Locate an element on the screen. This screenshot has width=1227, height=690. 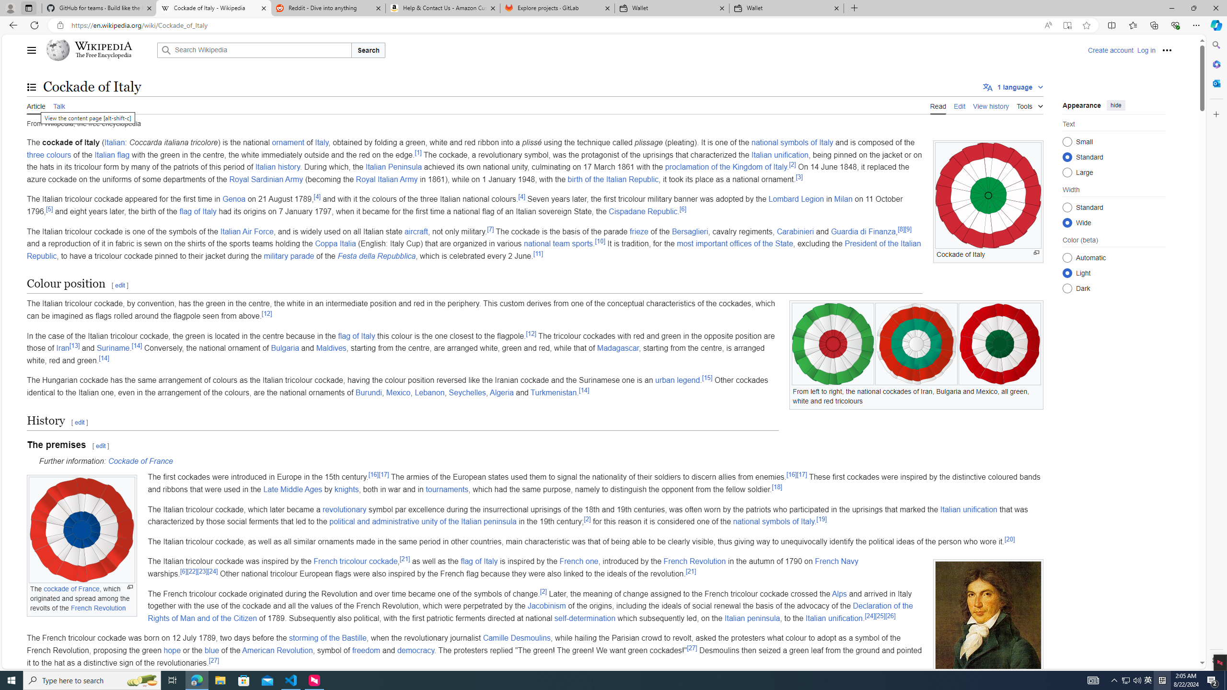
'[7]' is located at coordinates (490, 229).